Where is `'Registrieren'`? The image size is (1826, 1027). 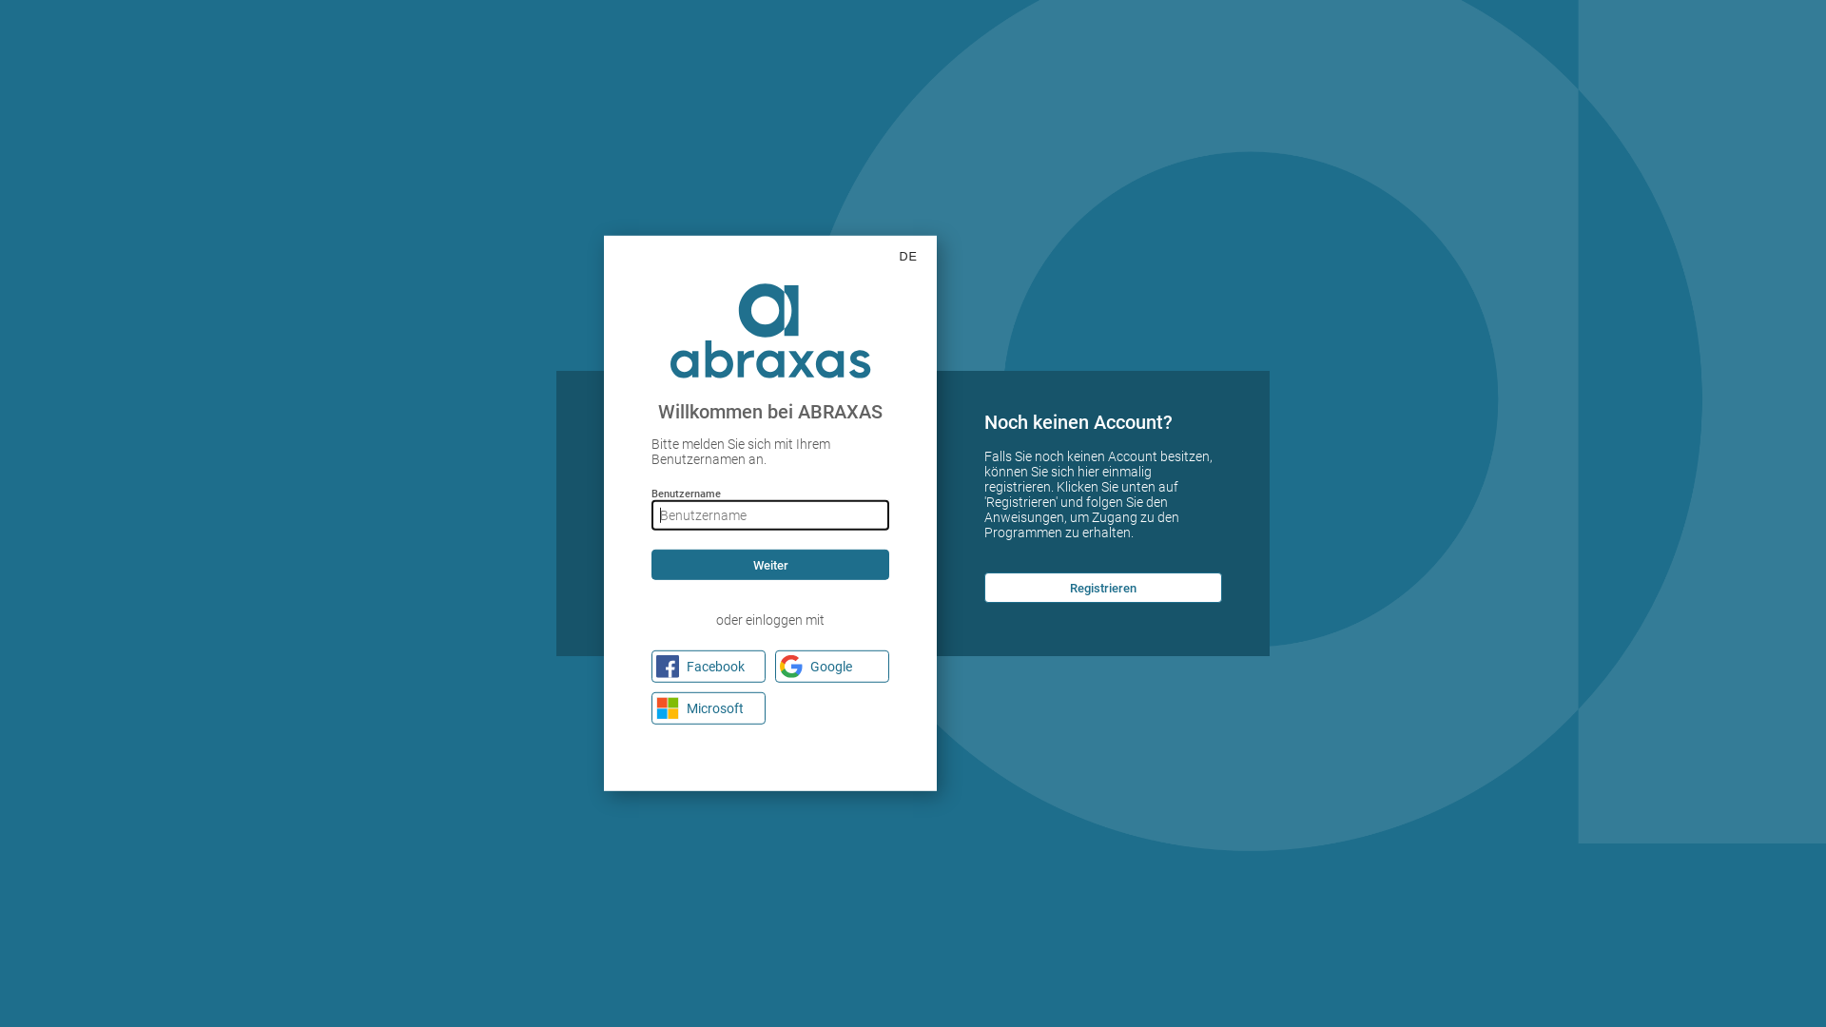
'Registrieren' is located at coordinates (984, 586).